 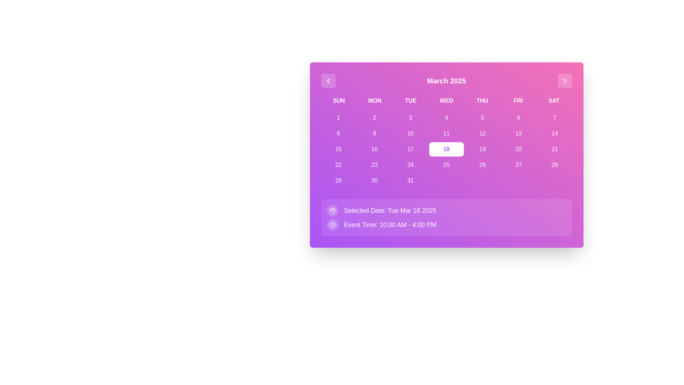 I want to click on the text label 'Sat', which is the last element in the row of weekday names displayed in a grid layout, located in the top-right corner of the interface, so click(x=554, y=101).